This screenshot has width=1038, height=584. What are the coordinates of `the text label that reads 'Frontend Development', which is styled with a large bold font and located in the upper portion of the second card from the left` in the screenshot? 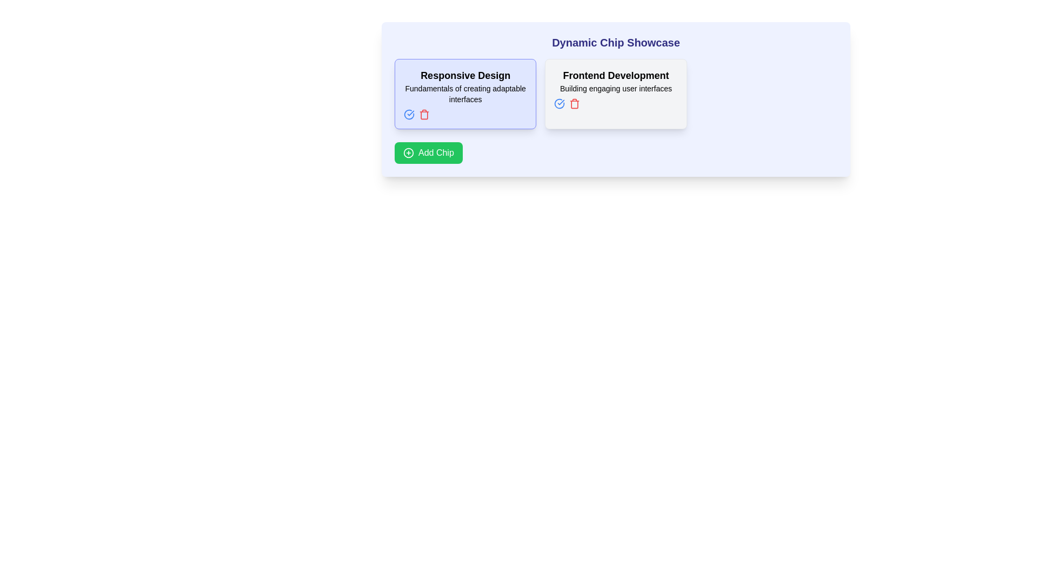 It's located at (616, 75).